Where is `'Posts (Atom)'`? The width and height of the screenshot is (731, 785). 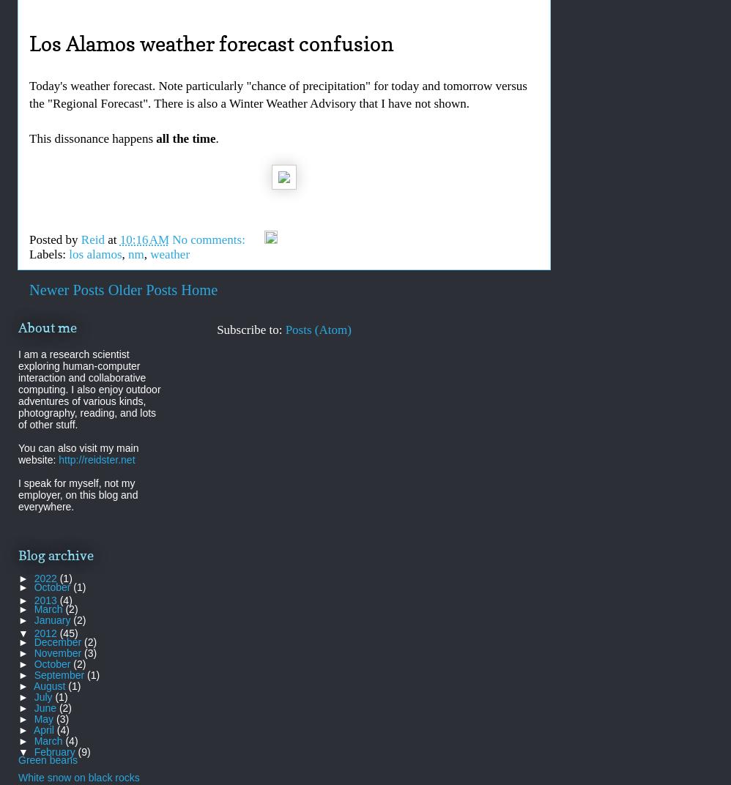
'Posts (Atom)' is located at coordinates (318, 329).